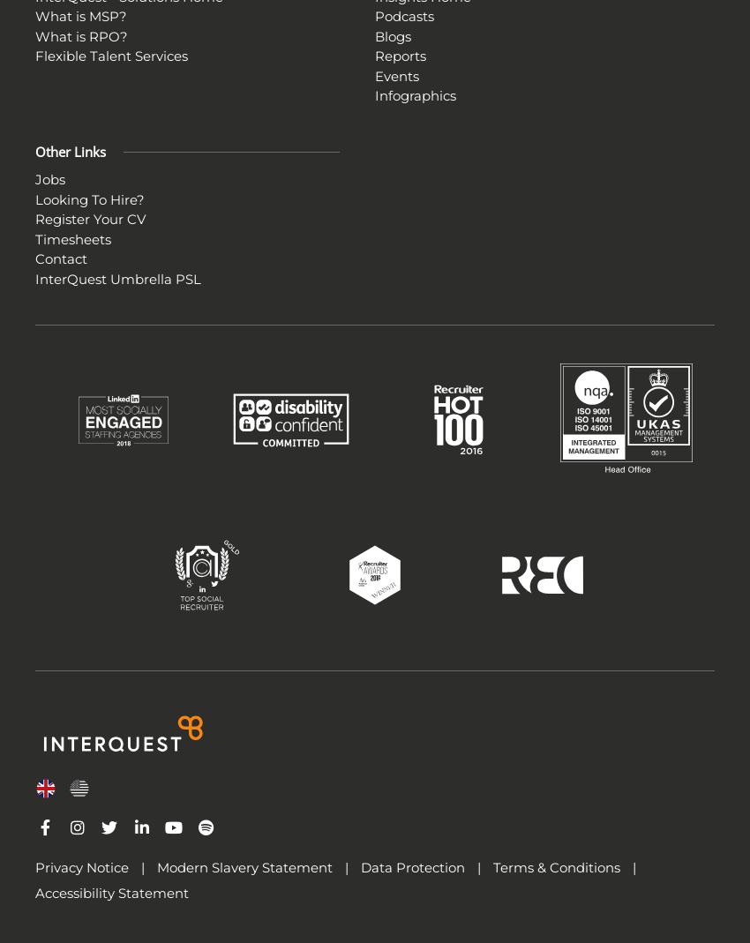  Describe the element at coordinates (556, 867) in the screenshot. I see `'Terms & Conditions'` at that location.